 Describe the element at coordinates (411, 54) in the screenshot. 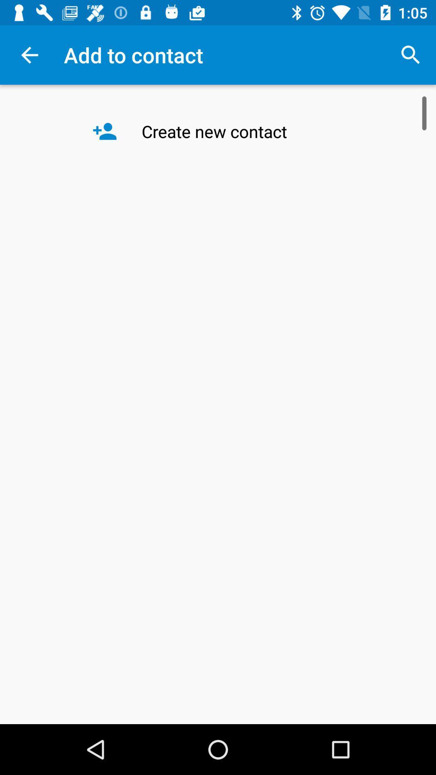

I see `icon to the right of the add to contact icon` at that location.